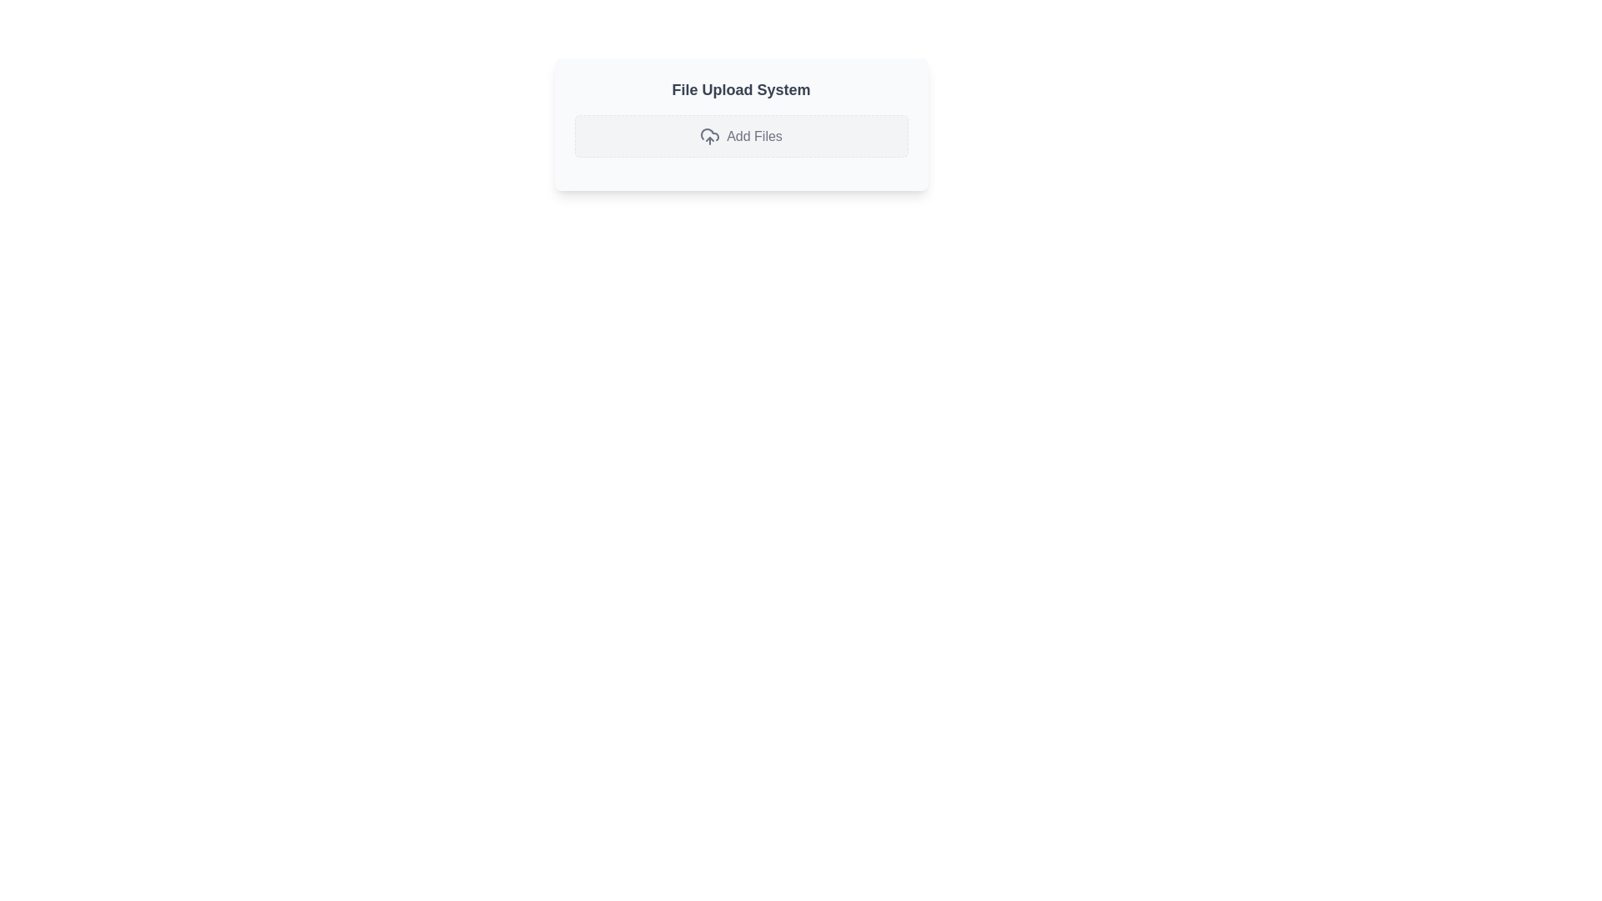 The width and height of the screenshot is (1602, 901). What do you see at coordinates (753, 135) in the screenshot?
I see `the 'Add Files' label that is located to the right of the cloud upload icon within a bordered button-like area` at bounding box center [753, 135].